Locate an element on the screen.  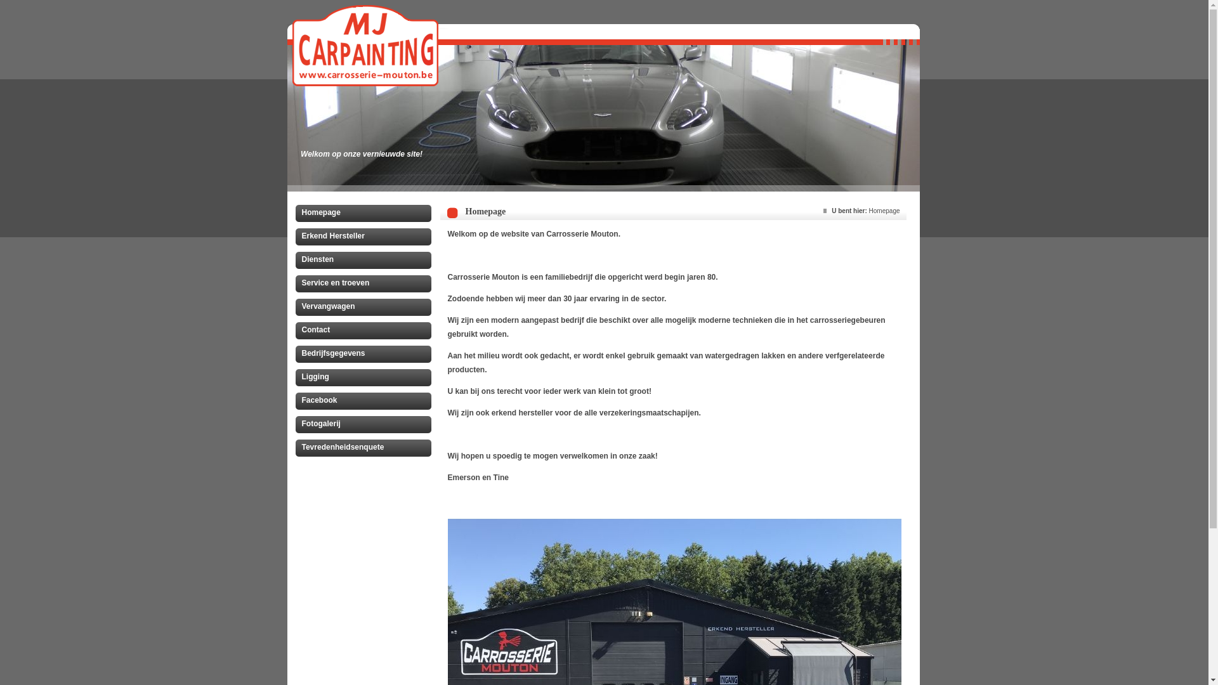
'Facebook' is located at coordinates (365, 403).